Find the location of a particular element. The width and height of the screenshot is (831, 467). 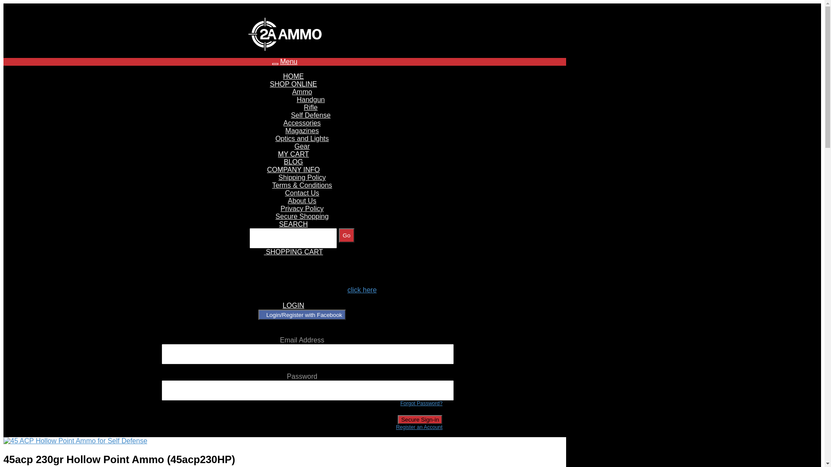

'Handgun' is located at coordinates (311, 99).